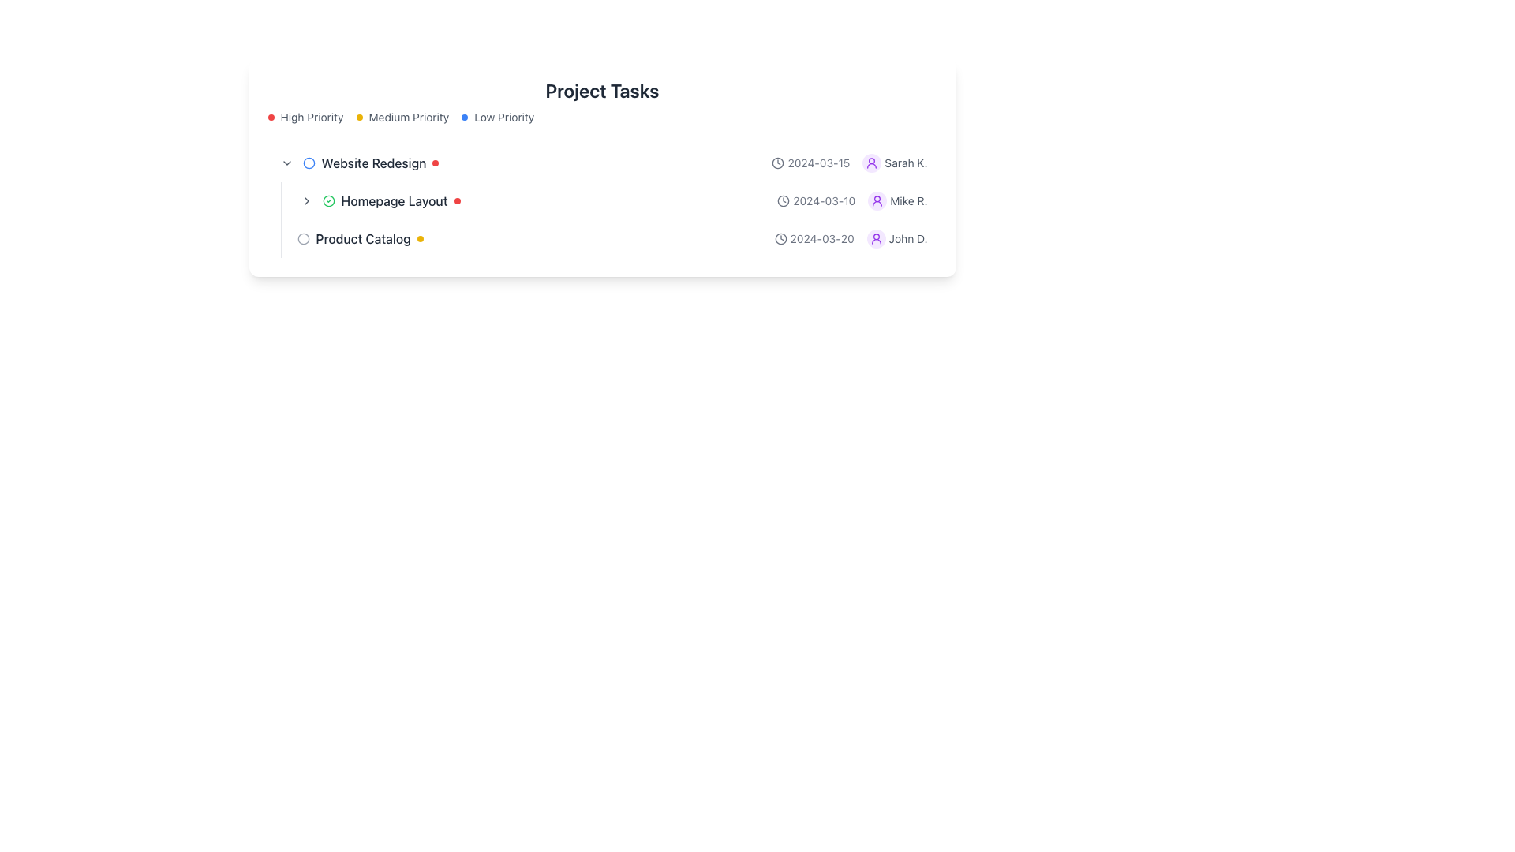 The image size is (1515, 852). What do you see at coordinates (784, 200) in the screenshot?
I see `the clock icon, which features a minimalistic outline design with hands indicating time, located to the left of the date label '2024-03-10'` at bounding box center [784, 200].